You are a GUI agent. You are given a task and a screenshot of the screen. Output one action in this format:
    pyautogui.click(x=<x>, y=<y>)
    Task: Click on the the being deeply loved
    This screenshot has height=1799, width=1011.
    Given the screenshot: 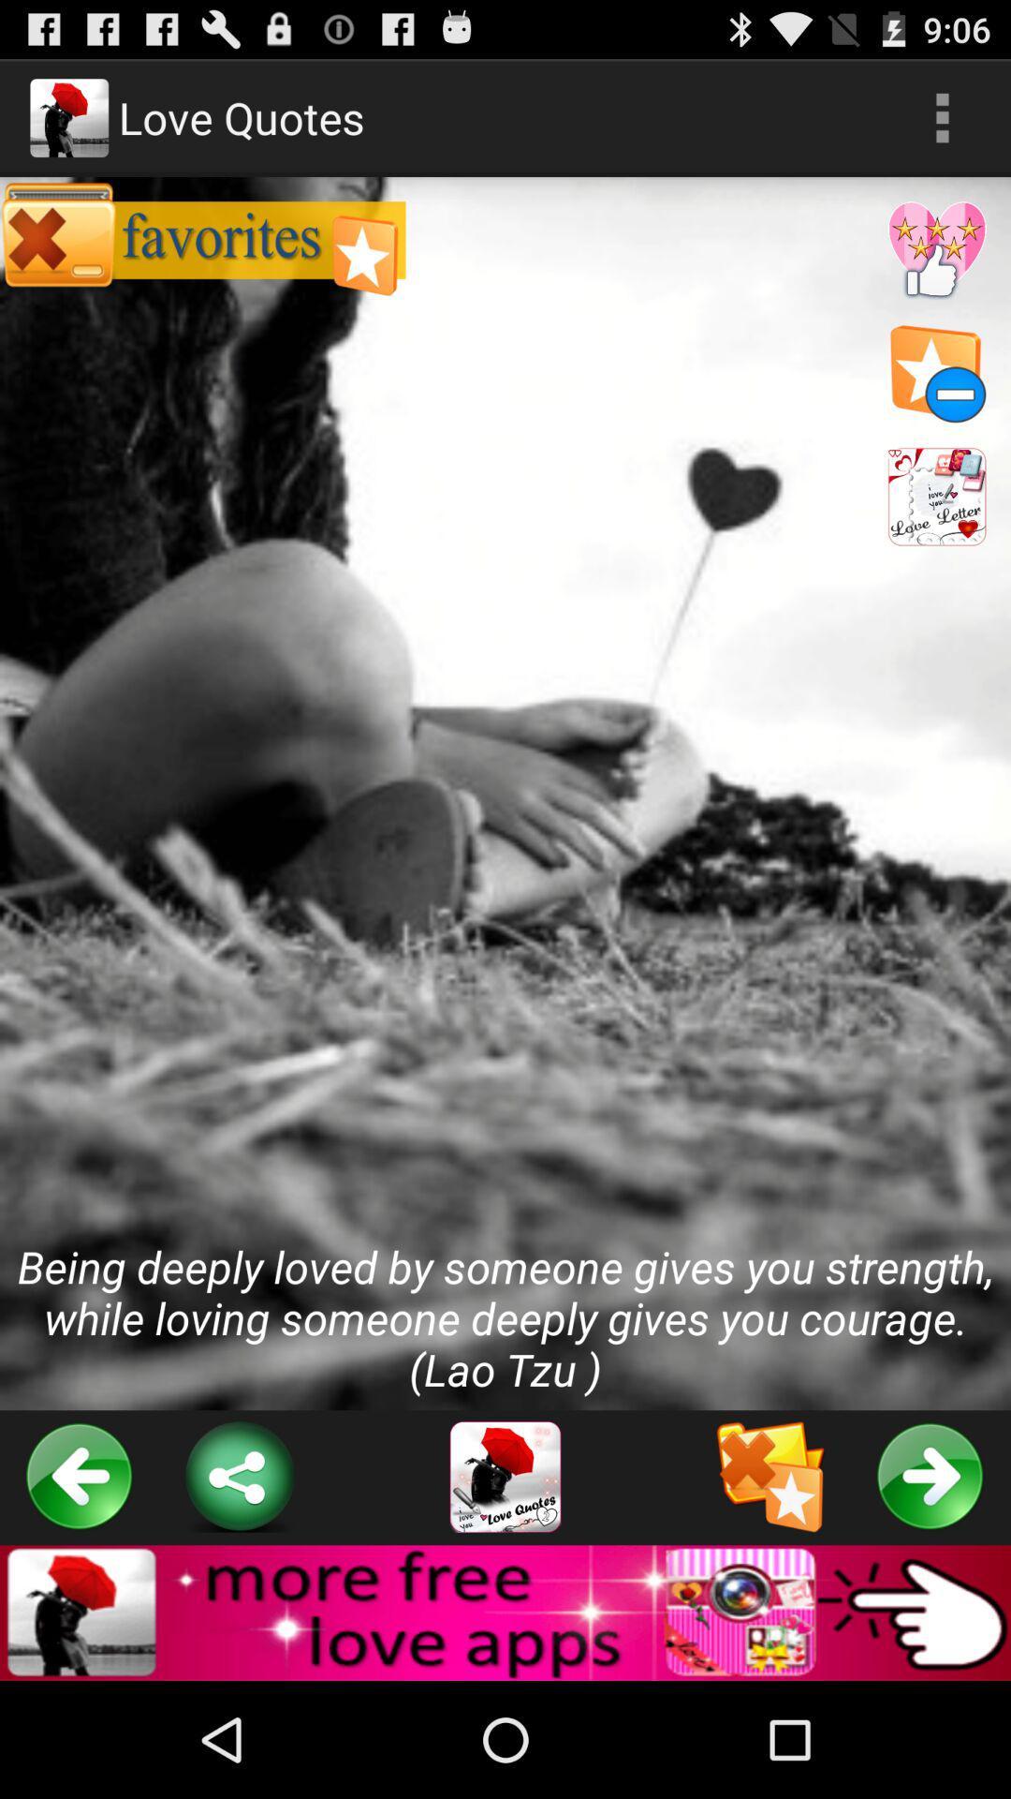 What is the action you would take?
    pyautogui.click(x=505, y=794)
    